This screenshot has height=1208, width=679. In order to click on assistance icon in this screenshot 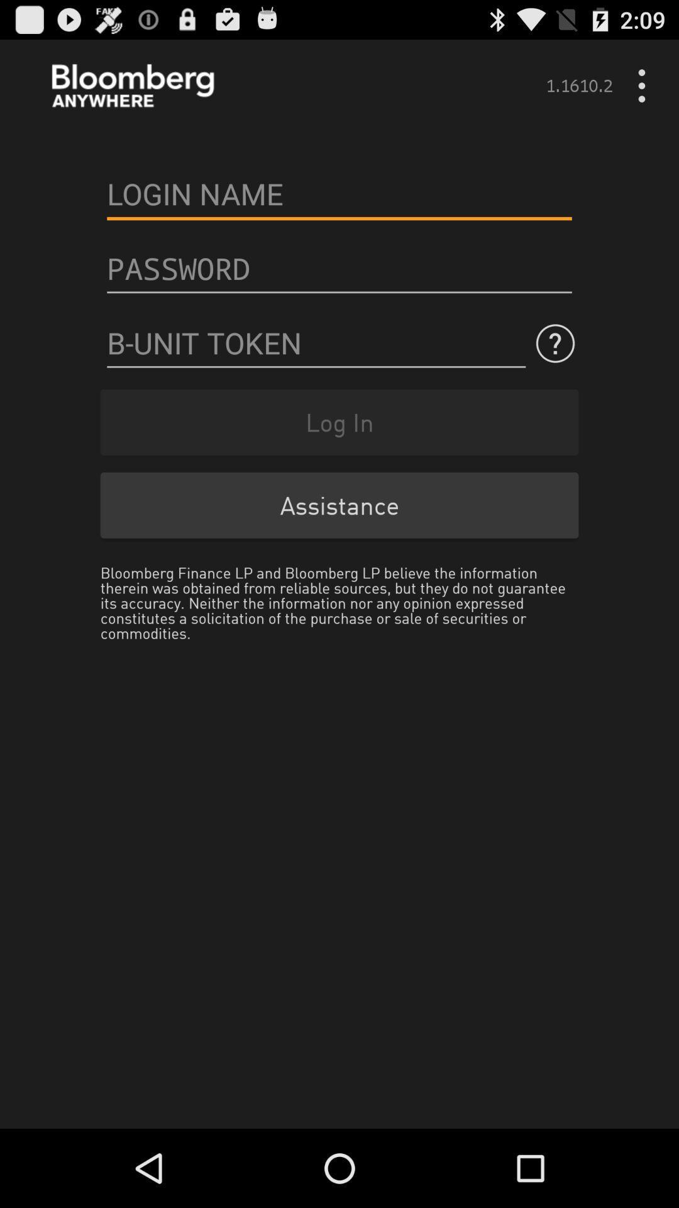, I will do `click(339, 505)`.